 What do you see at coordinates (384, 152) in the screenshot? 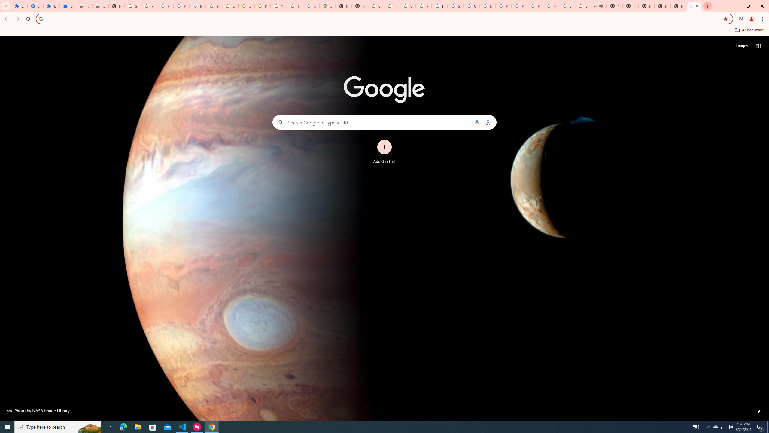
I see `'Add shortcut'` at bounding box center [384, 152].